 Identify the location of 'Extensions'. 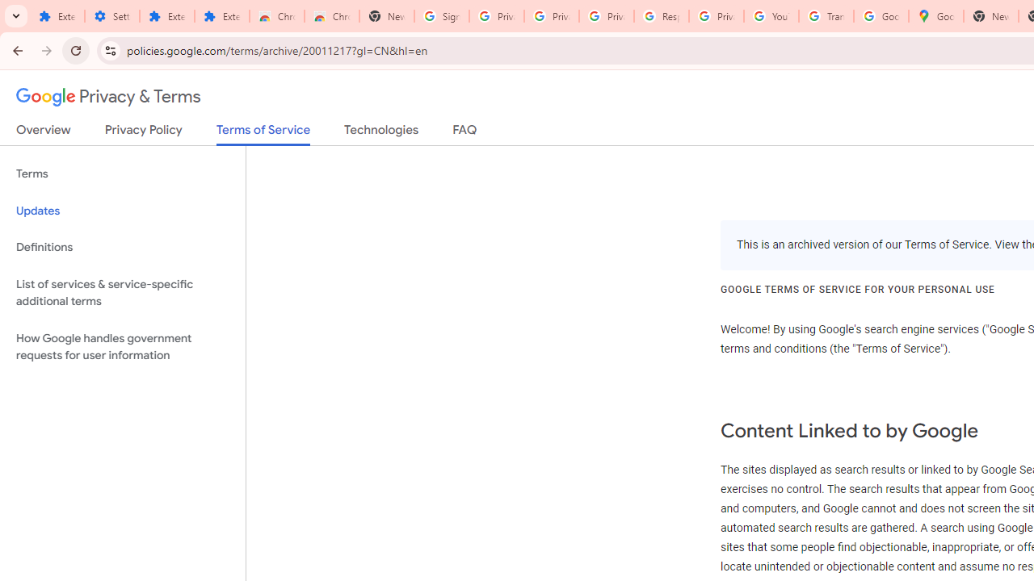
(166, 16).